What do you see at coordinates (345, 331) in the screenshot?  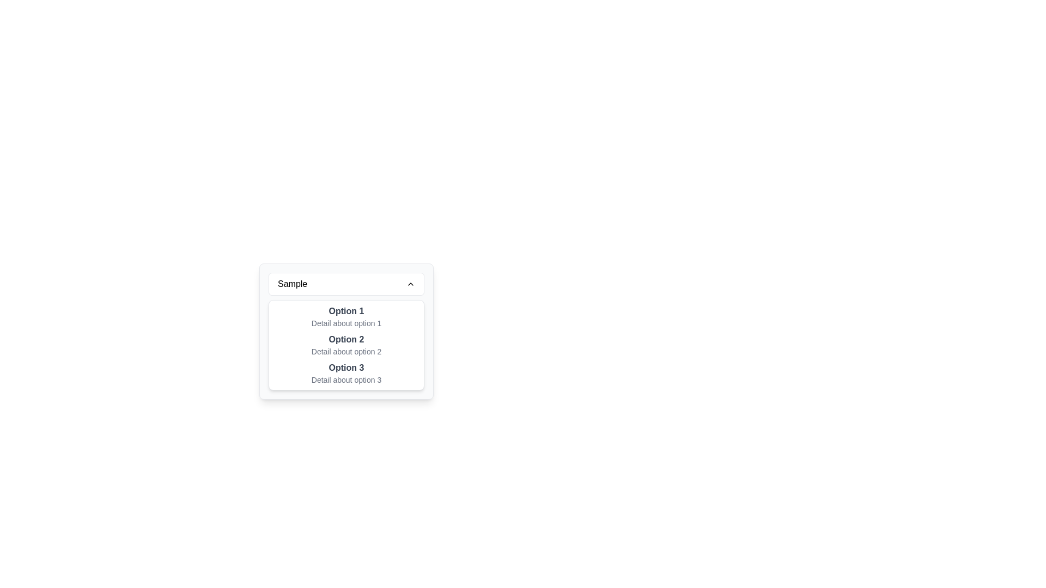 I see `the options in the compact dropdown menu with a light gray background` at bounding box center [345, 331].